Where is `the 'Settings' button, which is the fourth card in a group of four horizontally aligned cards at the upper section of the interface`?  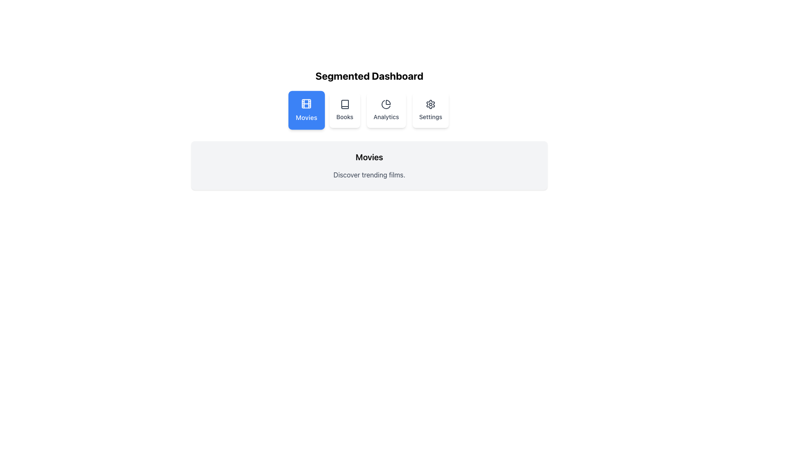
the 'Settings' button, which is the fourth card in a group of four horizontally aligned cards at the upper section of the interface is located at coordinates (431, 109).